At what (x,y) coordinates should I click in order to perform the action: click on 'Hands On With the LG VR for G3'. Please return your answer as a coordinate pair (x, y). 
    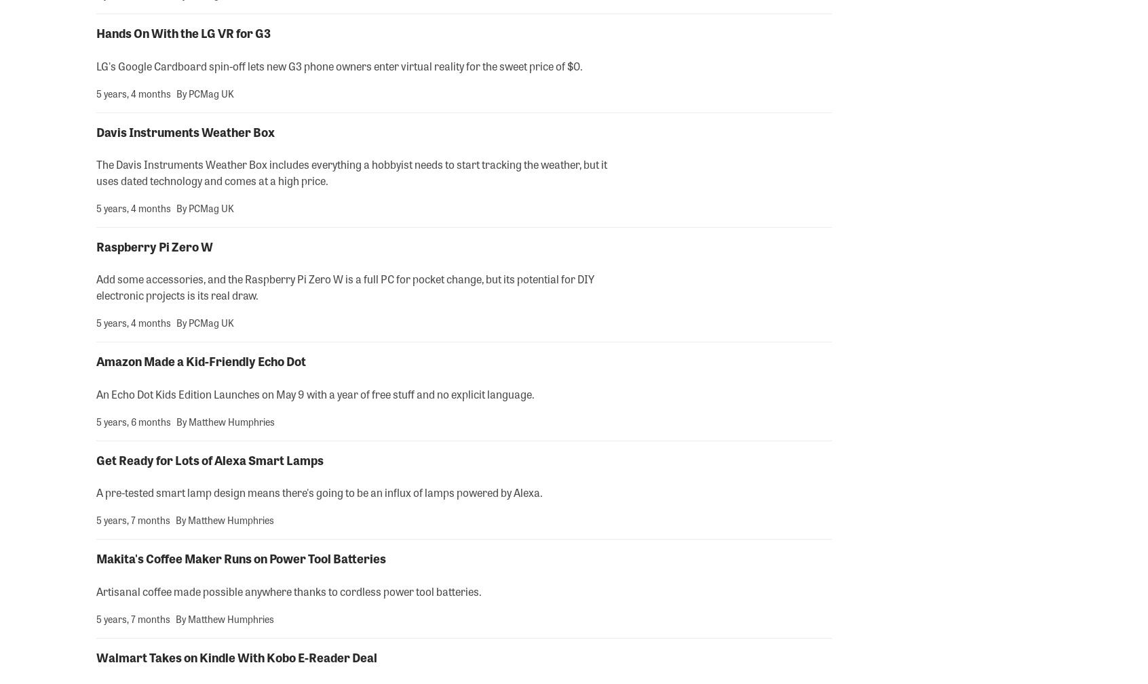
    Looking at the image, I should click on (183, 32).